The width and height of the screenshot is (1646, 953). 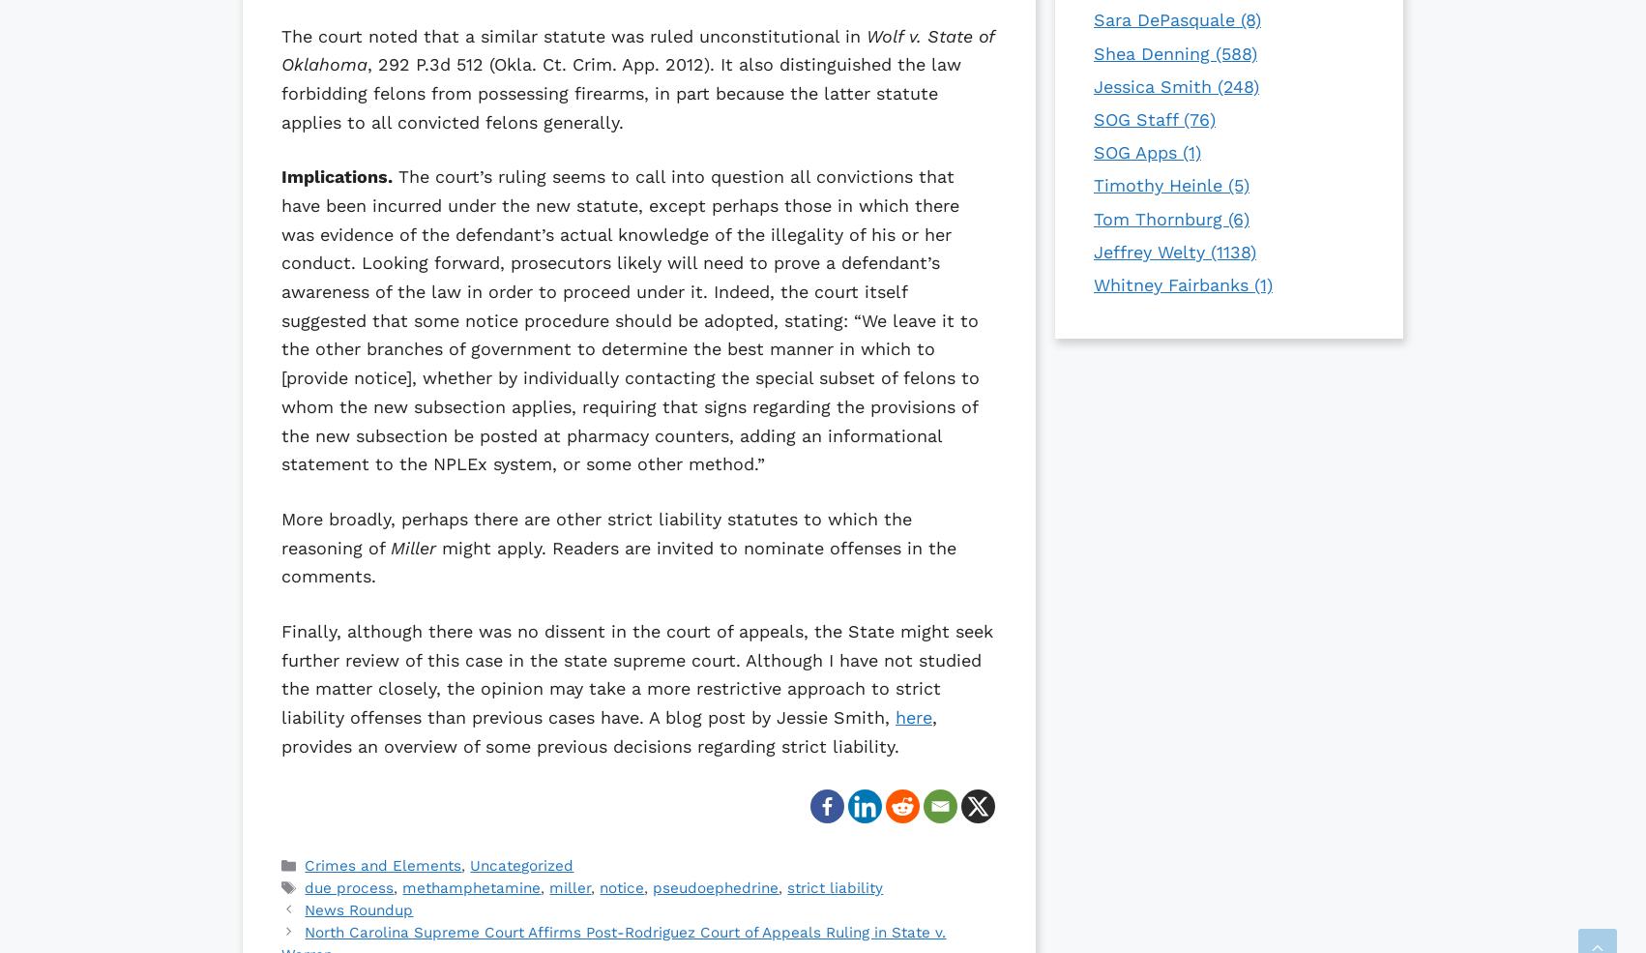 What do you see at coordinates (348, 887) in the screenshot?
I see `'due process'` at bounding box center [348, 887].